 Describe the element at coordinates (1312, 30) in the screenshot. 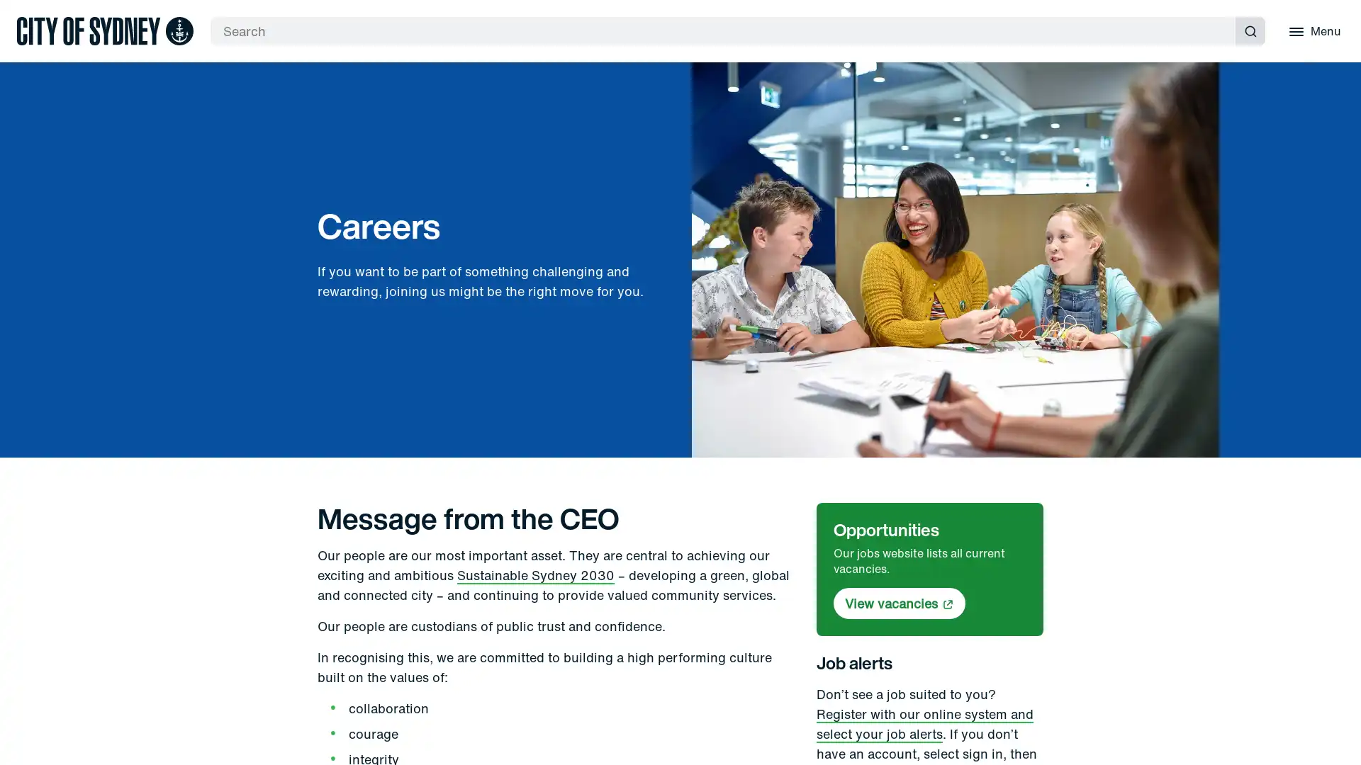

I see `Menu` at that location.